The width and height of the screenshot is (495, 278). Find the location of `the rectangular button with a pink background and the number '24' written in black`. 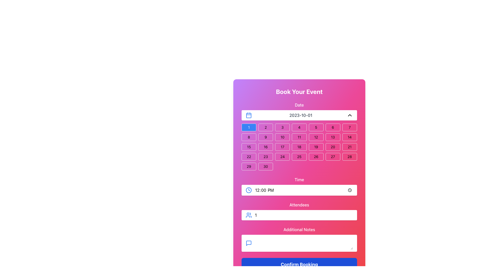

the rectangular button with a pink background and the number '24' written in black is located at coordinates (282, 157).